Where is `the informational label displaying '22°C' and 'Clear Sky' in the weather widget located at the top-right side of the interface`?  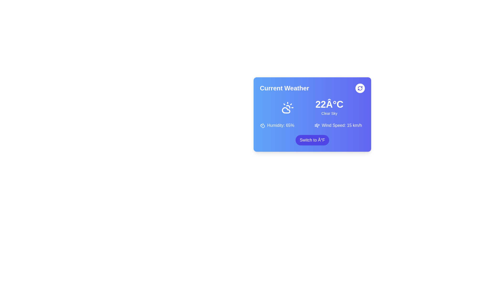 the informational label displaying '22°C' and 'Clear Sky' in the weather widget located at the top-right side of the interface is located at coordinates (329, 107).